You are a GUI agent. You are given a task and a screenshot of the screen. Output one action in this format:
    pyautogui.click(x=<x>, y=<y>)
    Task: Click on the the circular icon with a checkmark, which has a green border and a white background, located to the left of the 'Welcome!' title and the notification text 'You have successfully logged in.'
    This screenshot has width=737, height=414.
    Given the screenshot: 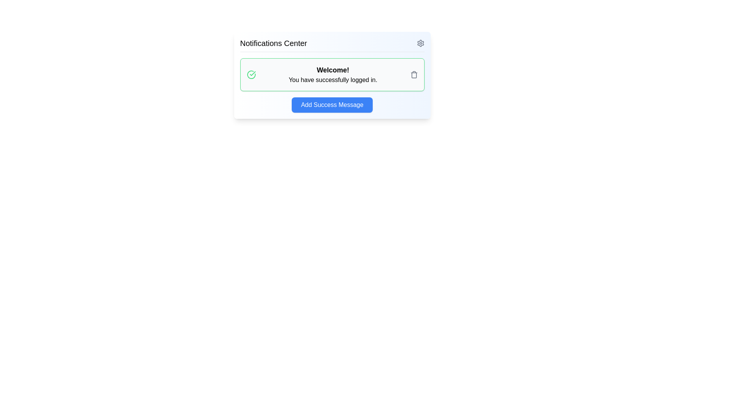 What is the action you would take?
    pyautogui.click(x=251, y=75)
    